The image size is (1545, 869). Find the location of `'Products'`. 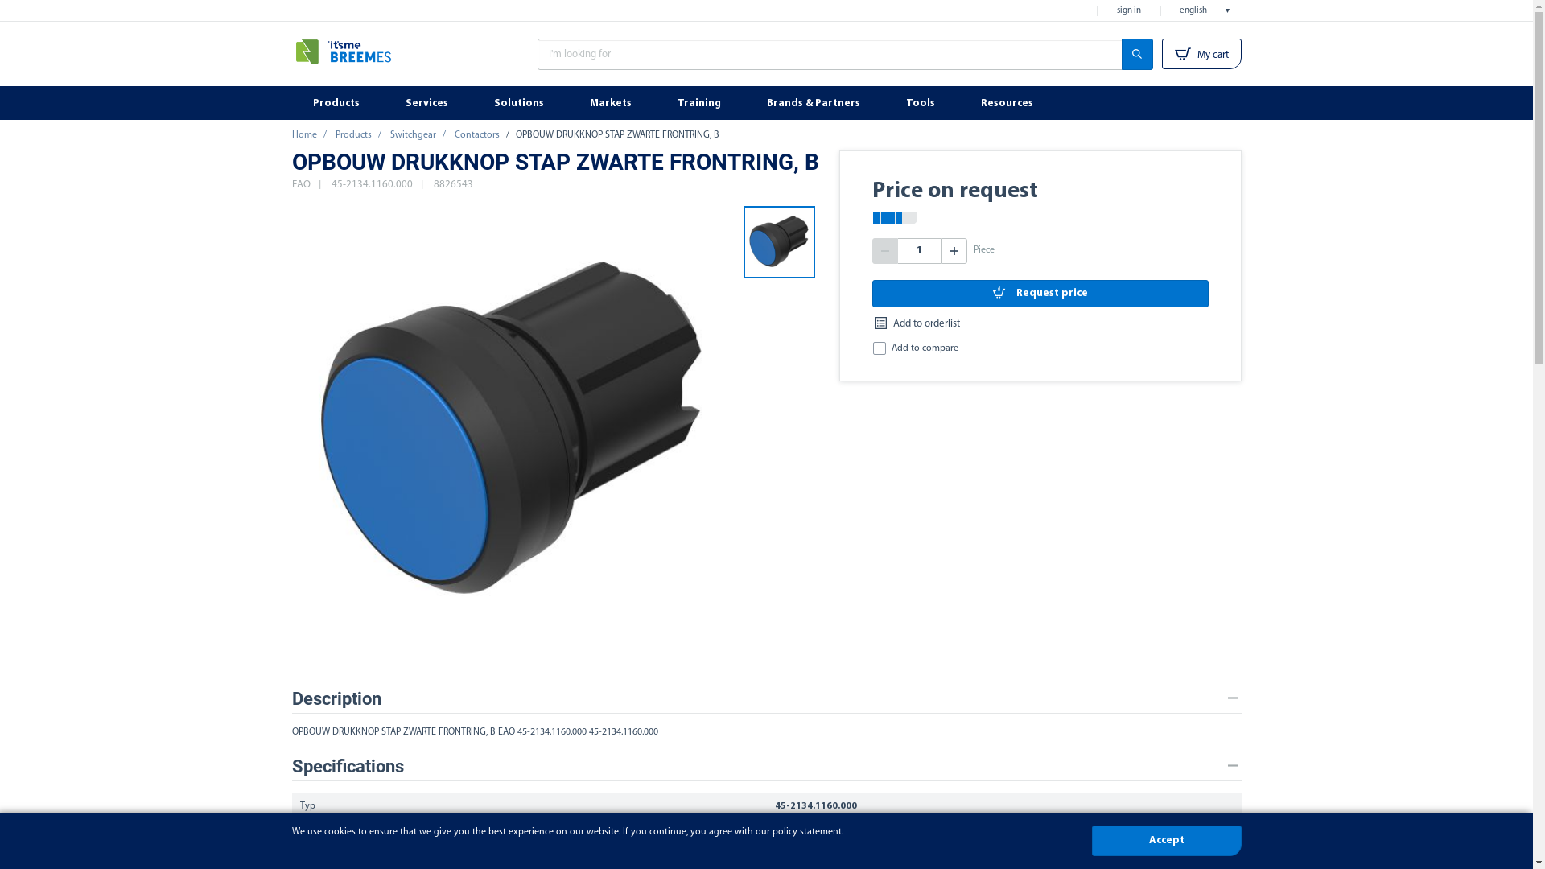

'Products' is located at coordinates (336, 102).